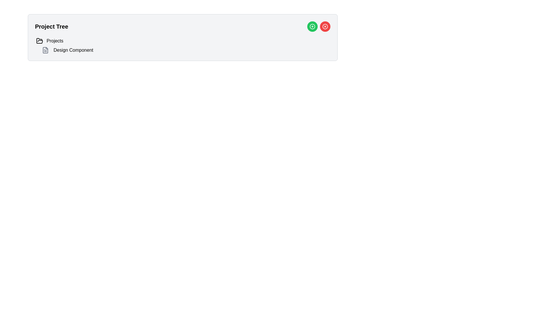 This screenshot has width=556, height=312. What do you see at coordinates (318, 27) in the screenshot?
I see `the Group containing buttons for the Project Tree` at bounding box center [318, 27].